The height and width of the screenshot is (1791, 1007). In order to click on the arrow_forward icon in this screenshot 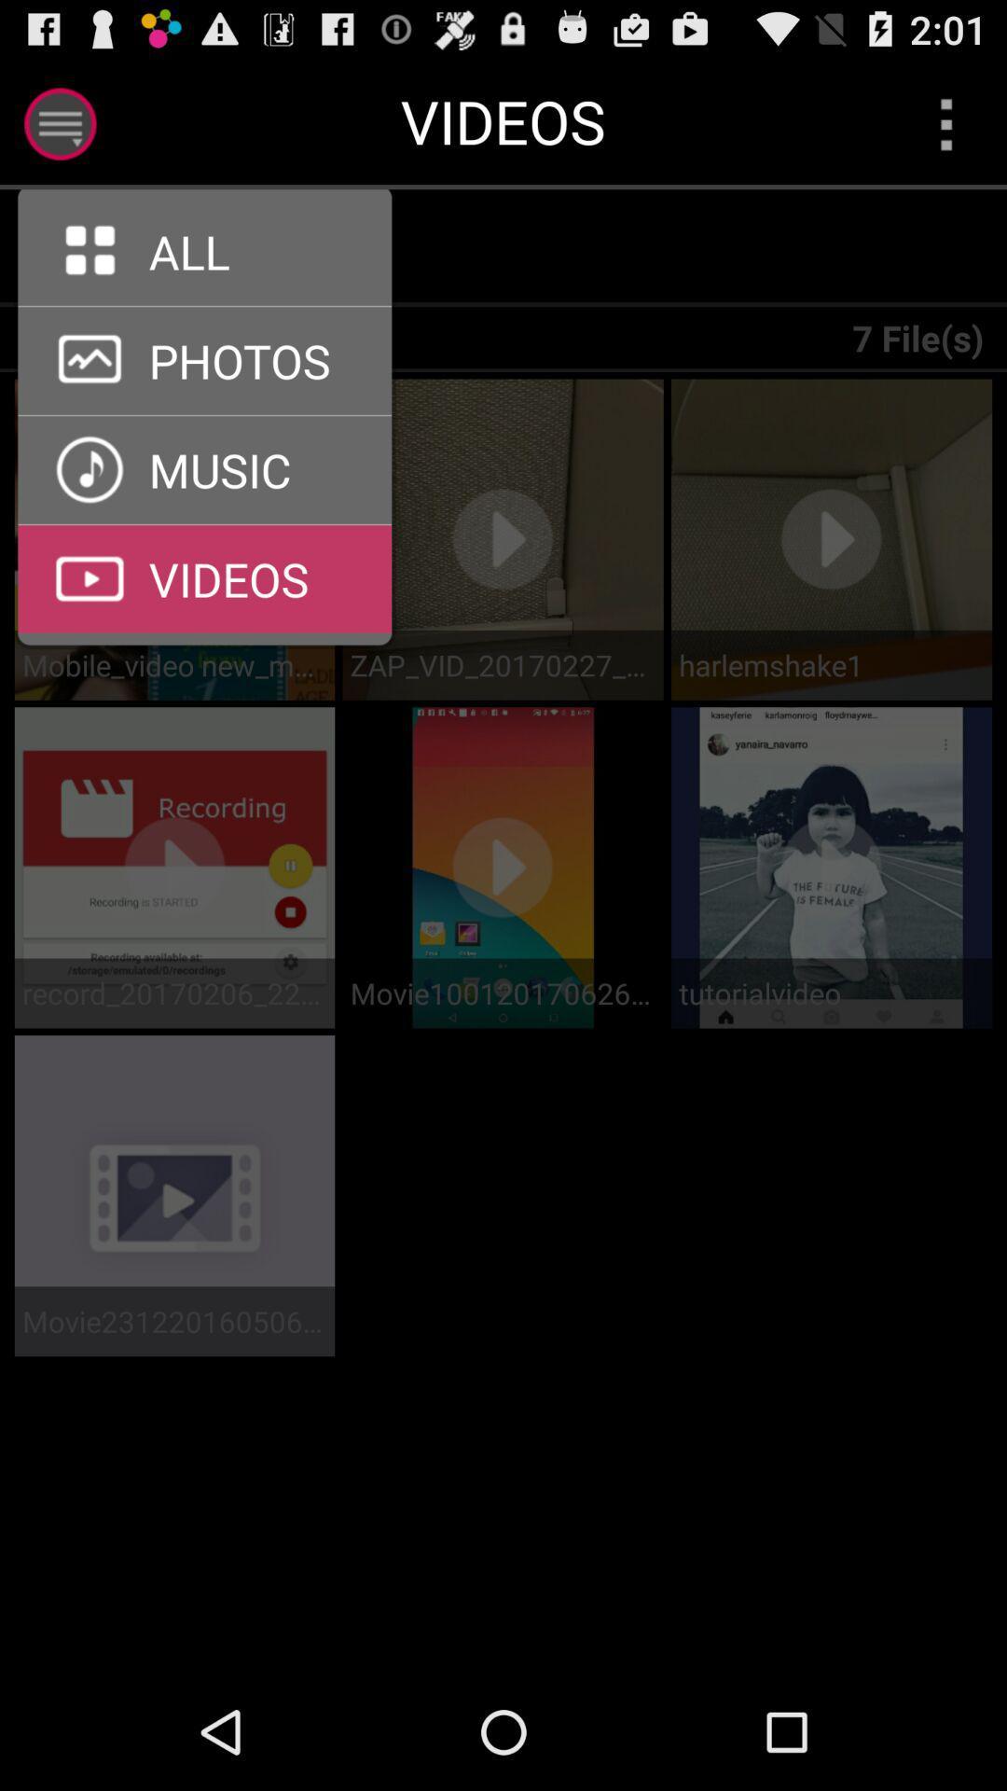, I will do `click(204, 560)`.